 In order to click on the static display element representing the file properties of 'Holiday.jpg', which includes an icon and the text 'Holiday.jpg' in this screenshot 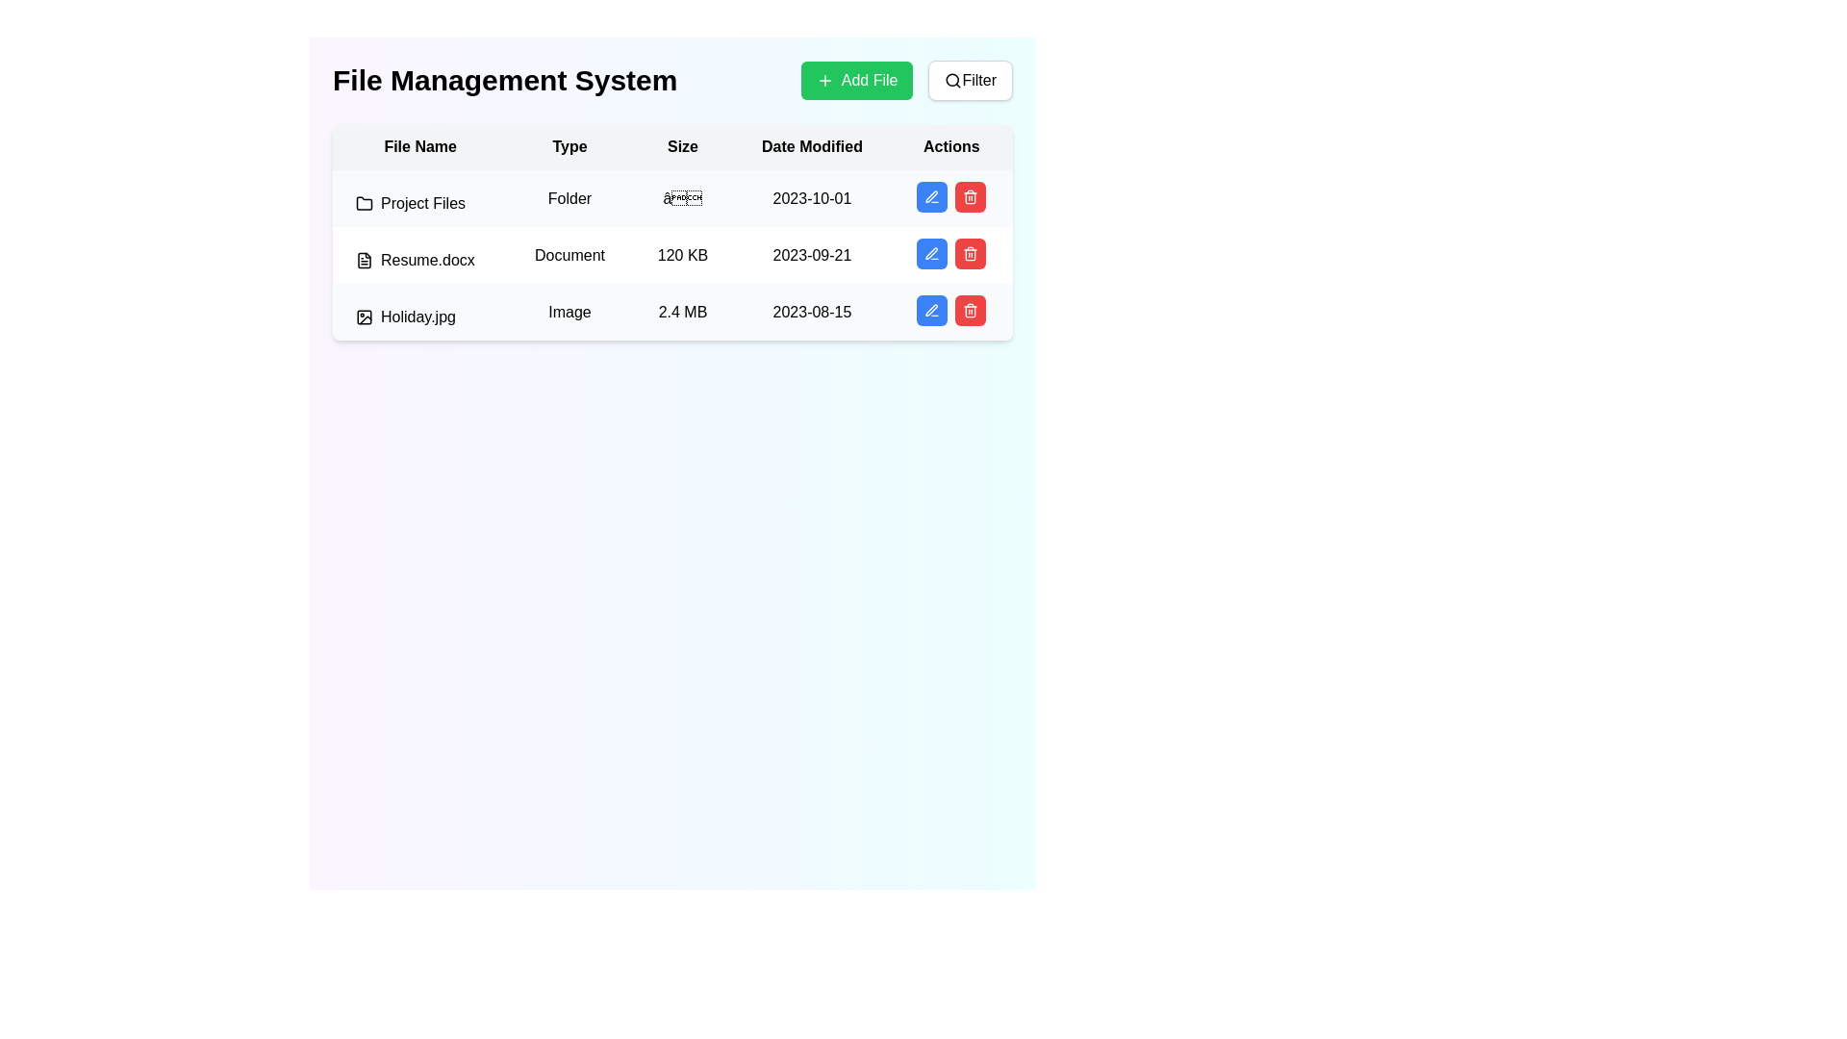, I will do `click(419, 317)`.